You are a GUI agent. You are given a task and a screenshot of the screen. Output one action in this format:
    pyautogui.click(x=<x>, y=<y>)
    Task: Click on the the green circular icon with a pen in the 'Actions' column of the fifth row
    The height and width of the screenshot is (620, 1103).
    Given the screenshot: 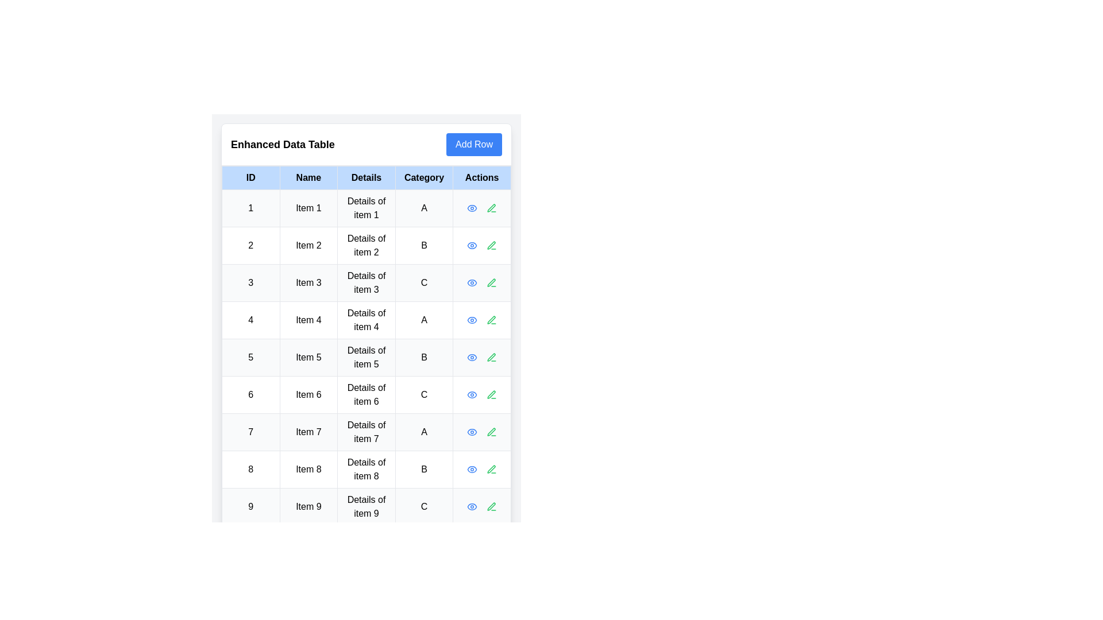 What is the action you would take?
    pyautogui.click(x=492, y=357)
    